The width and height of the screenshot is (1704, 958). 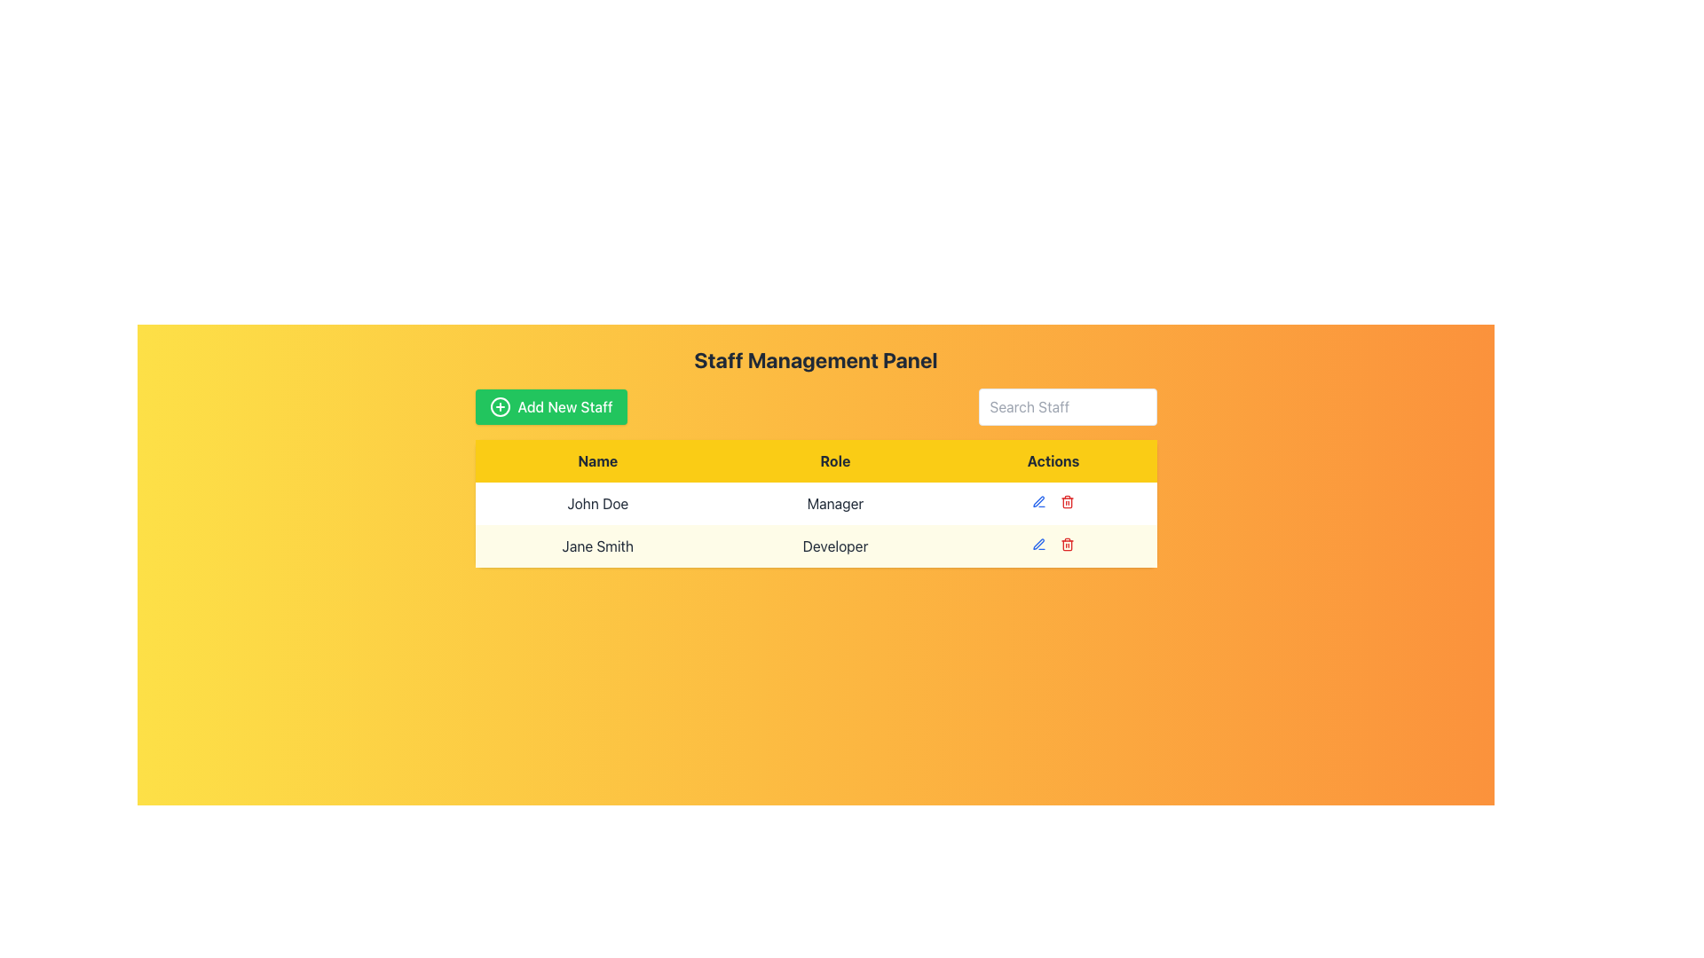 What do you see at coordinates (834, 460) in the screenshot?
I see `the 'Role' text header element, which is the second column header in a three-column layout` at bounding box center [834, 460].